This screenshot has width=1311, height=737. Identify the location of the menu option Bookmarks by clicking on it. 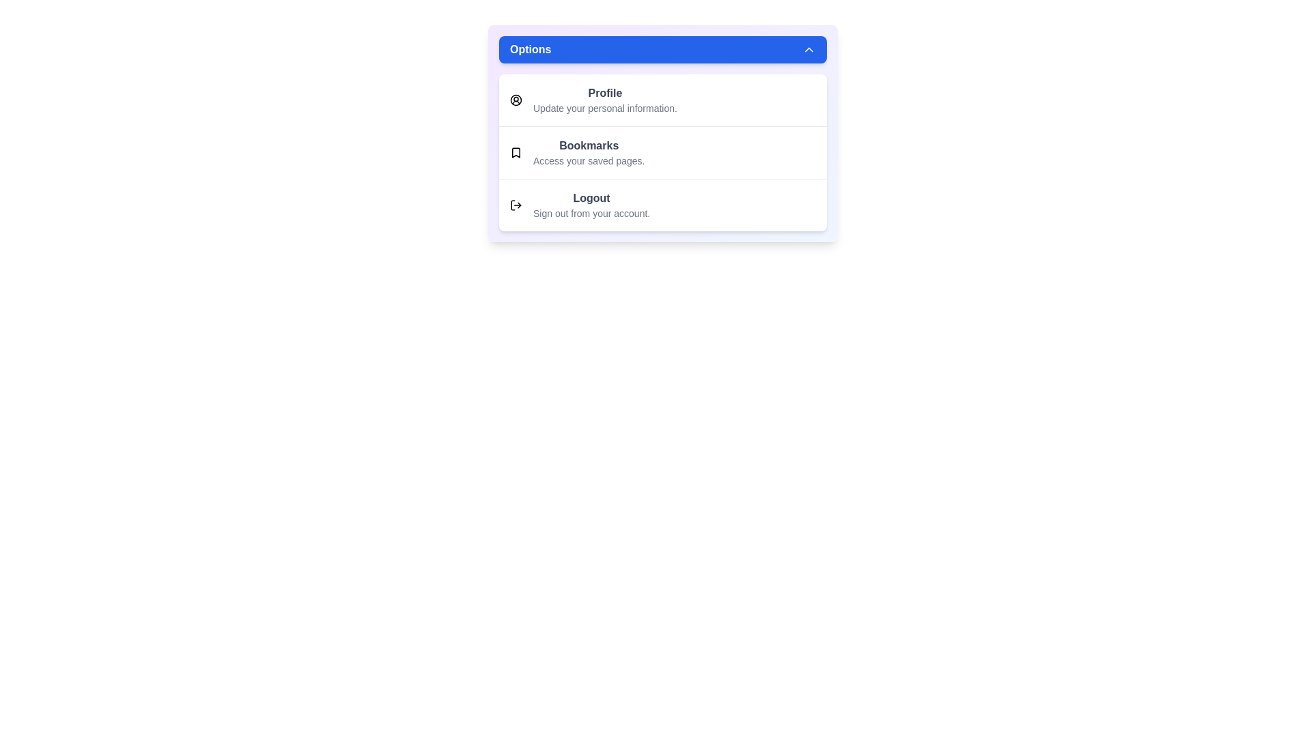
(662, 152).